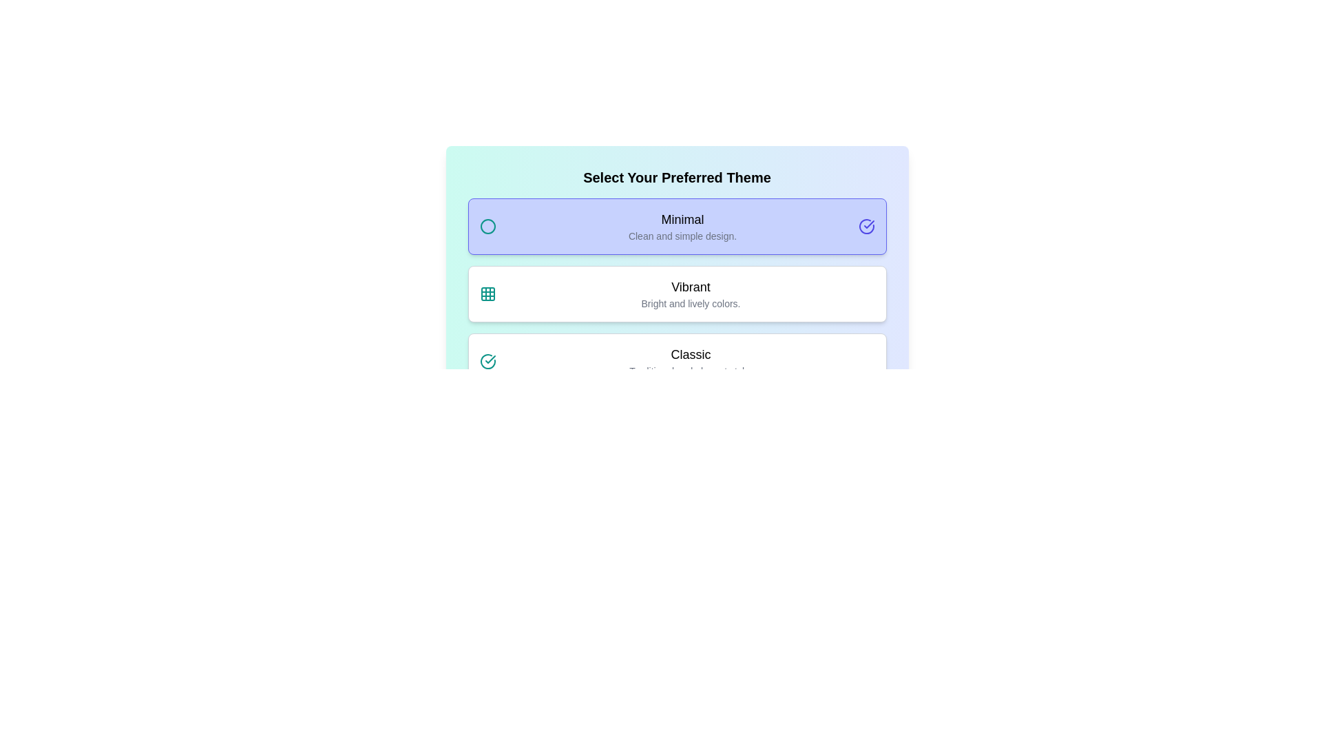 Image resolution: width=1322 pixels, height=744 pixels. I want to click on the 'Vibrant' theme button in the list, so click(677, 293).